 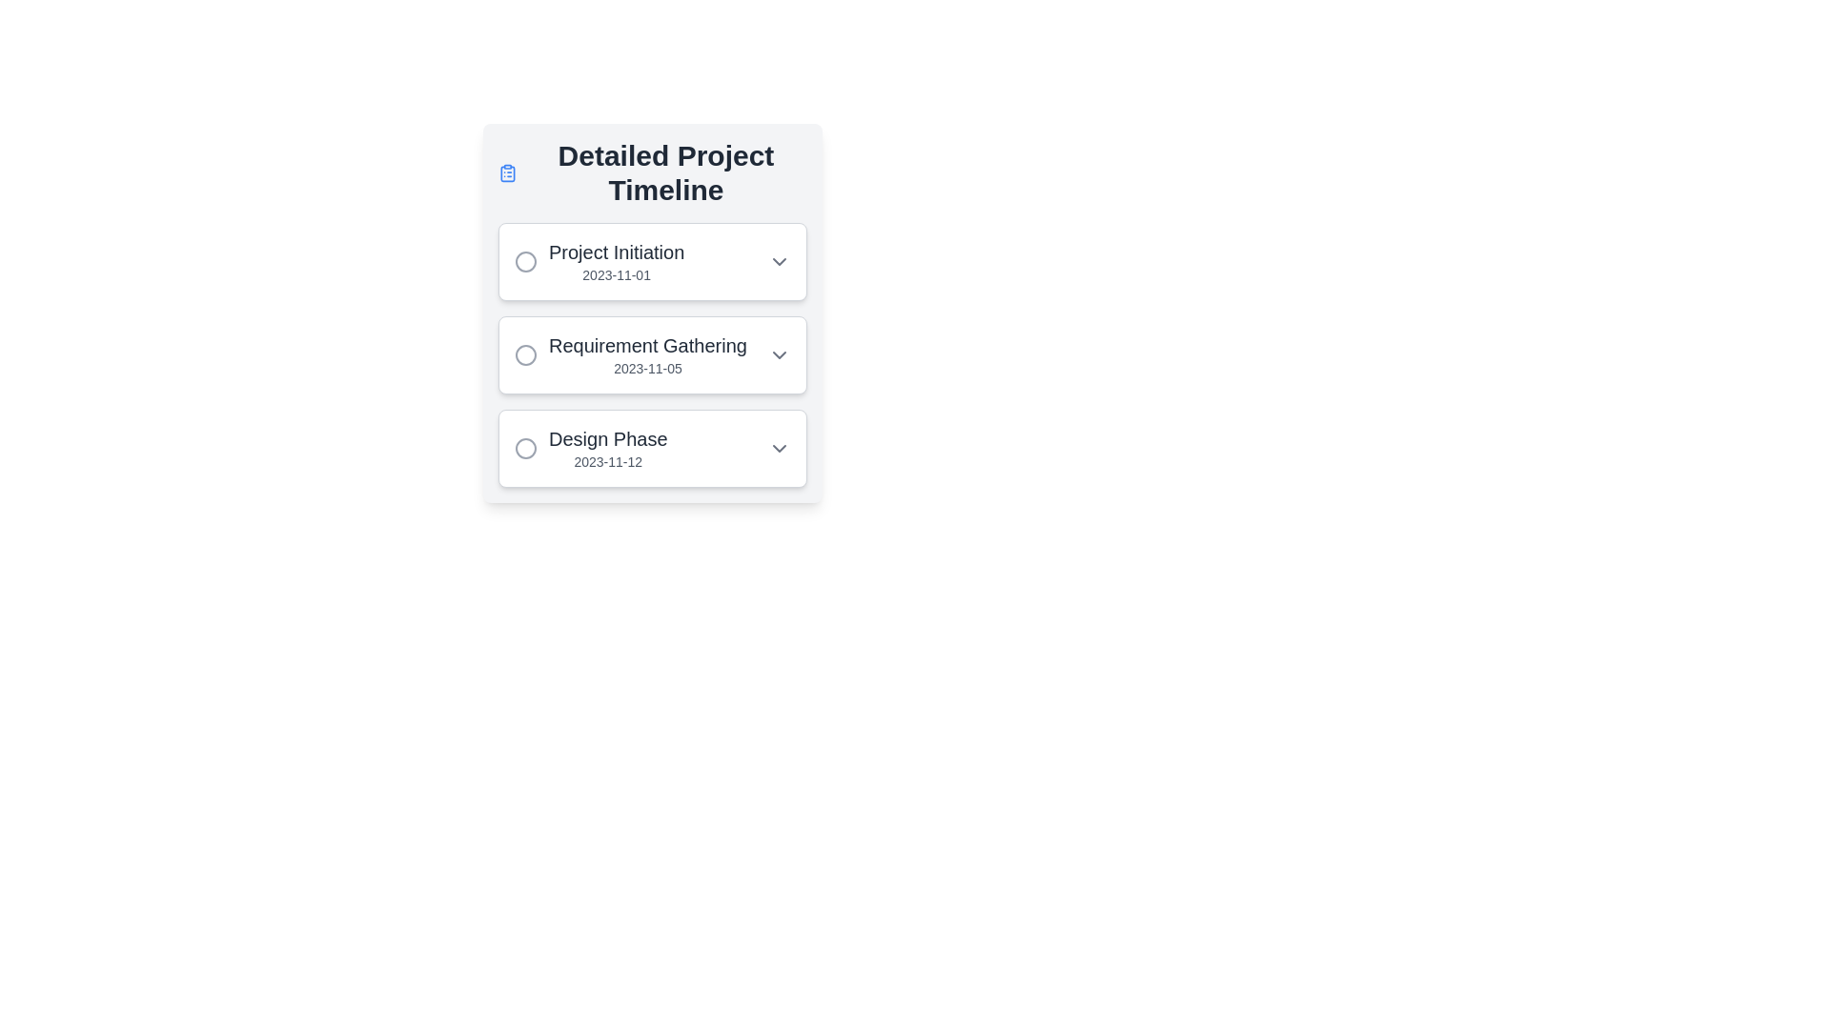 I want to click on the circular icon located to the left of the text 'Project Initiation' and the date '2023-11-01', which is the first component in a horizontal arrangement, so click(x=526, y=261).